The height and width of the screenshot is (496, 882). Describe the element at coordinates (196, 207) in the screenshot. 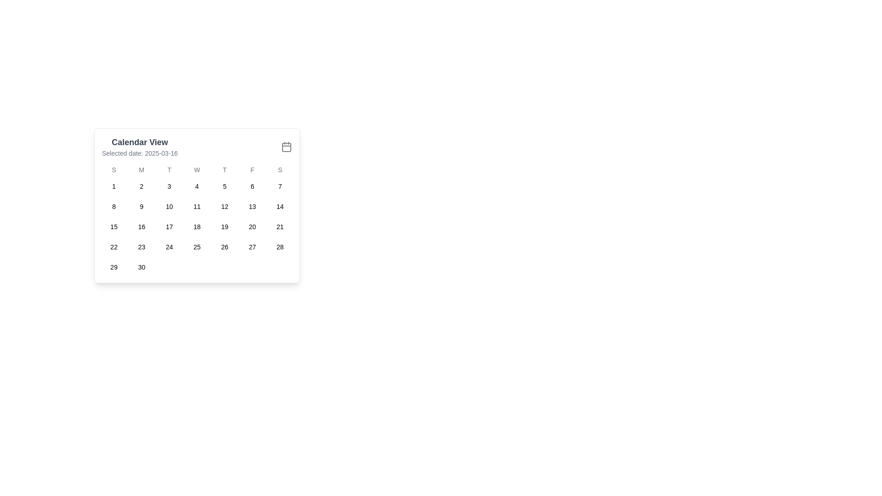

I see `the square-shaped button displaying the text '11' in black, which is located in the fourth row and fourth column of the calendar interface's grid layout` at that location.